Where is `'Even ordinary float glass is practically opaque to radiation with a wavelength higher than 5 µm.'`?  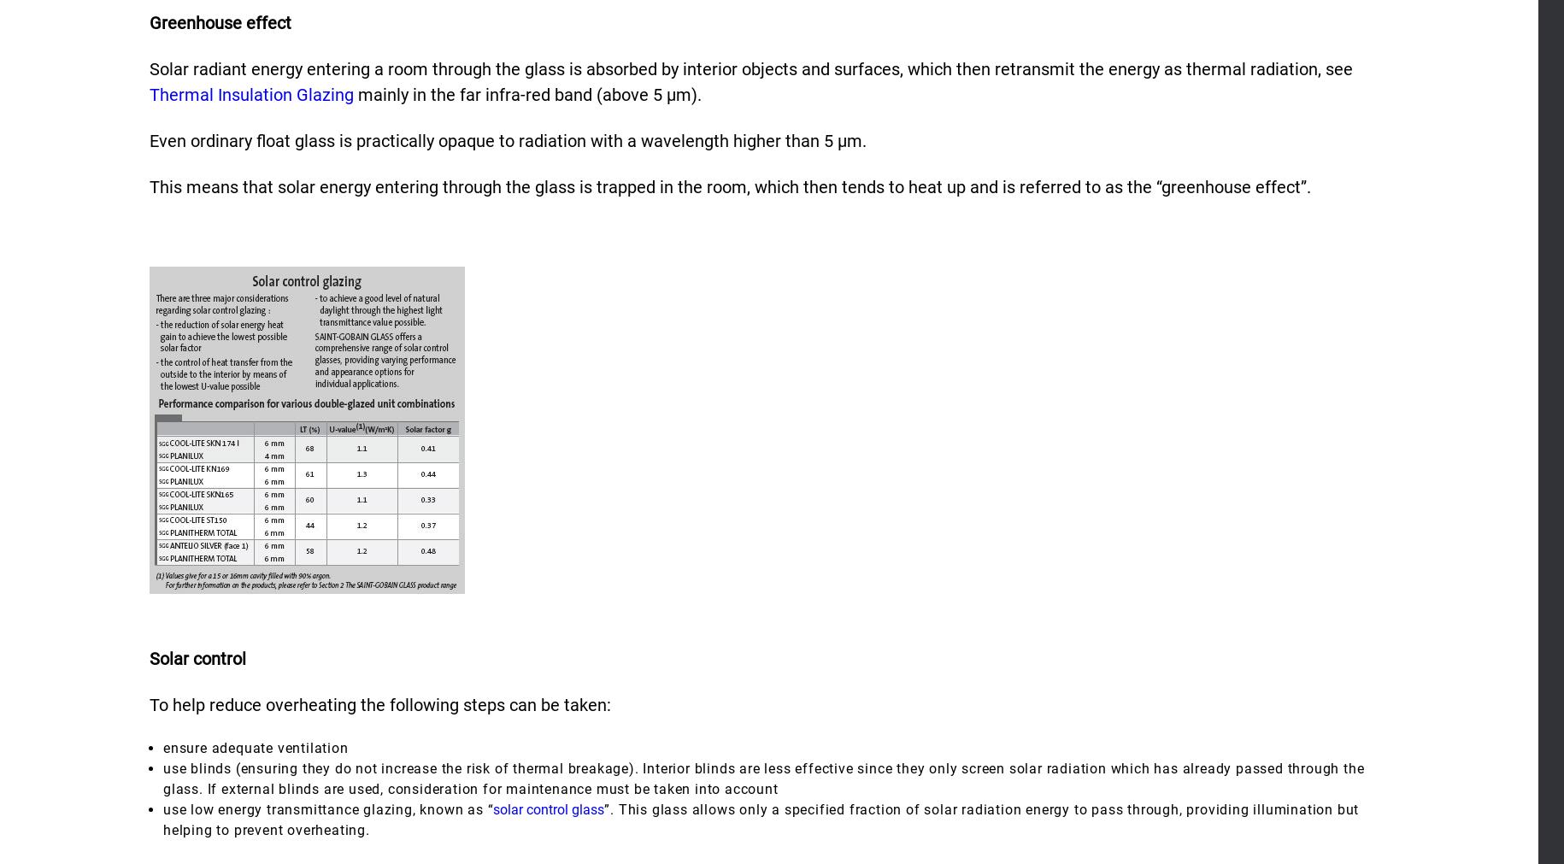
'Even ordinary float glass is practically opaque to radiation with a wavelength higher than 5 µm.' is located at coordinates (507, 138).